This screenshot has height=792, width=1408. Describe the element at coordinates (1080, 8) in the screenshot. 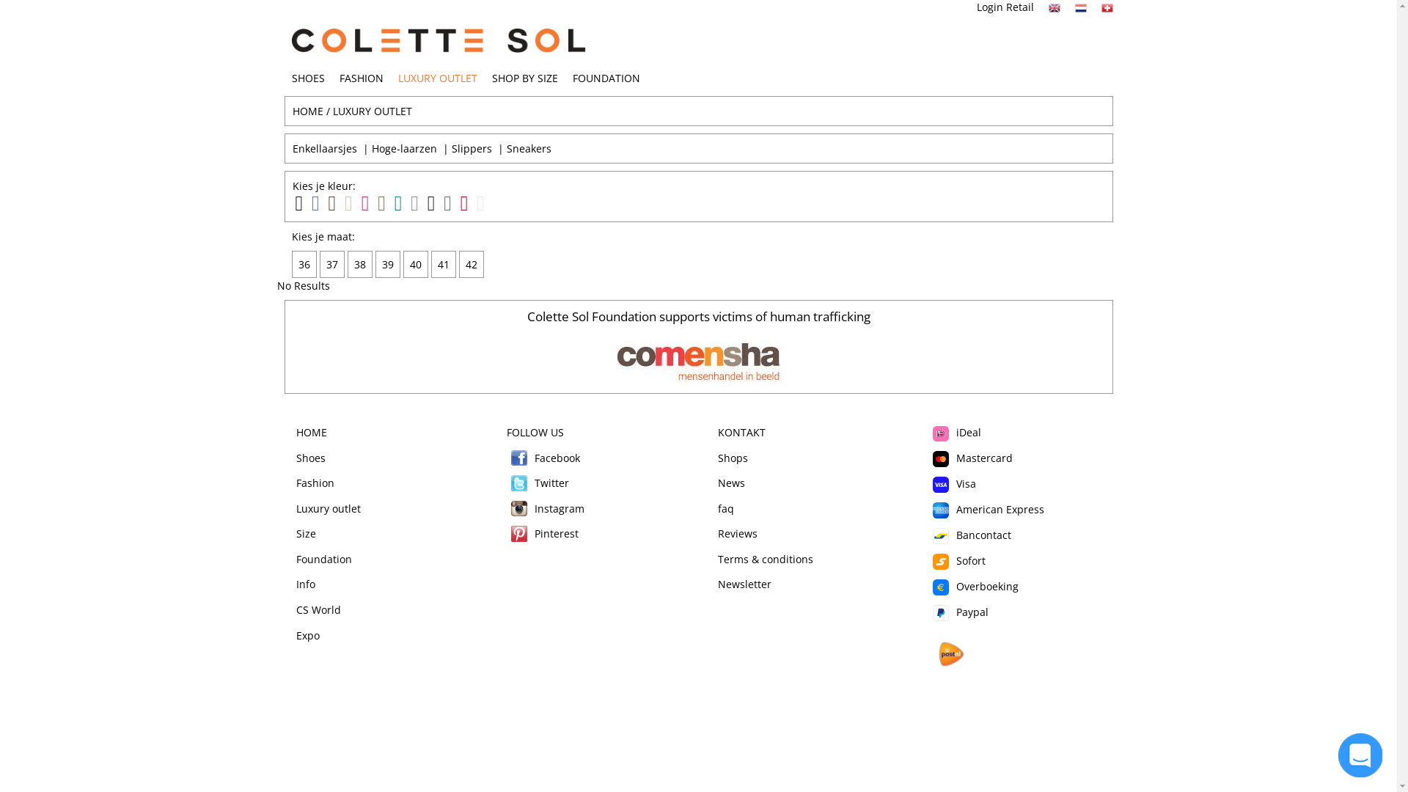

I see `'Nederlands'` at that location.